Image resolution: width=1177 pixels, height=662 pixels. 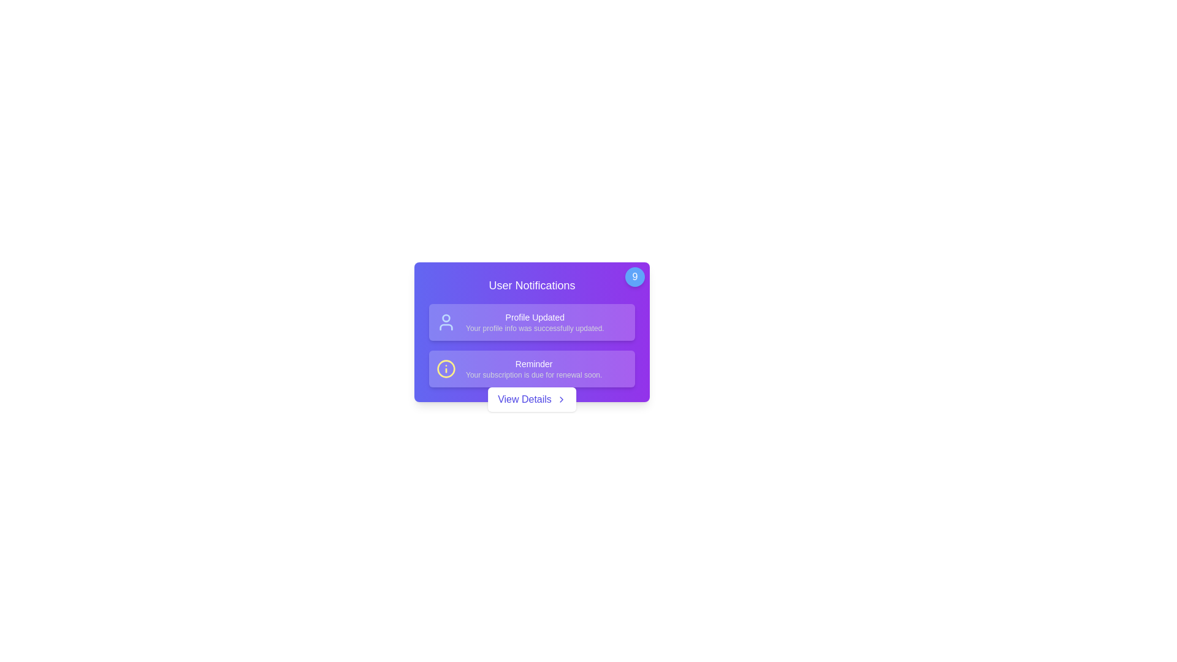 I want to click on the user vector graphic icon that represents profile updates, located at the left side of the notification block preceding the text 'Profile Updated', so click(x=446, y=321).